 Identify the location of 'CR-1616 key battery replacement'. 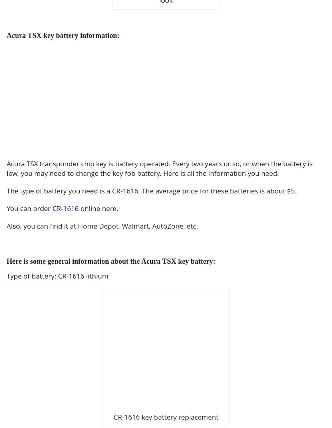
(113, 417).